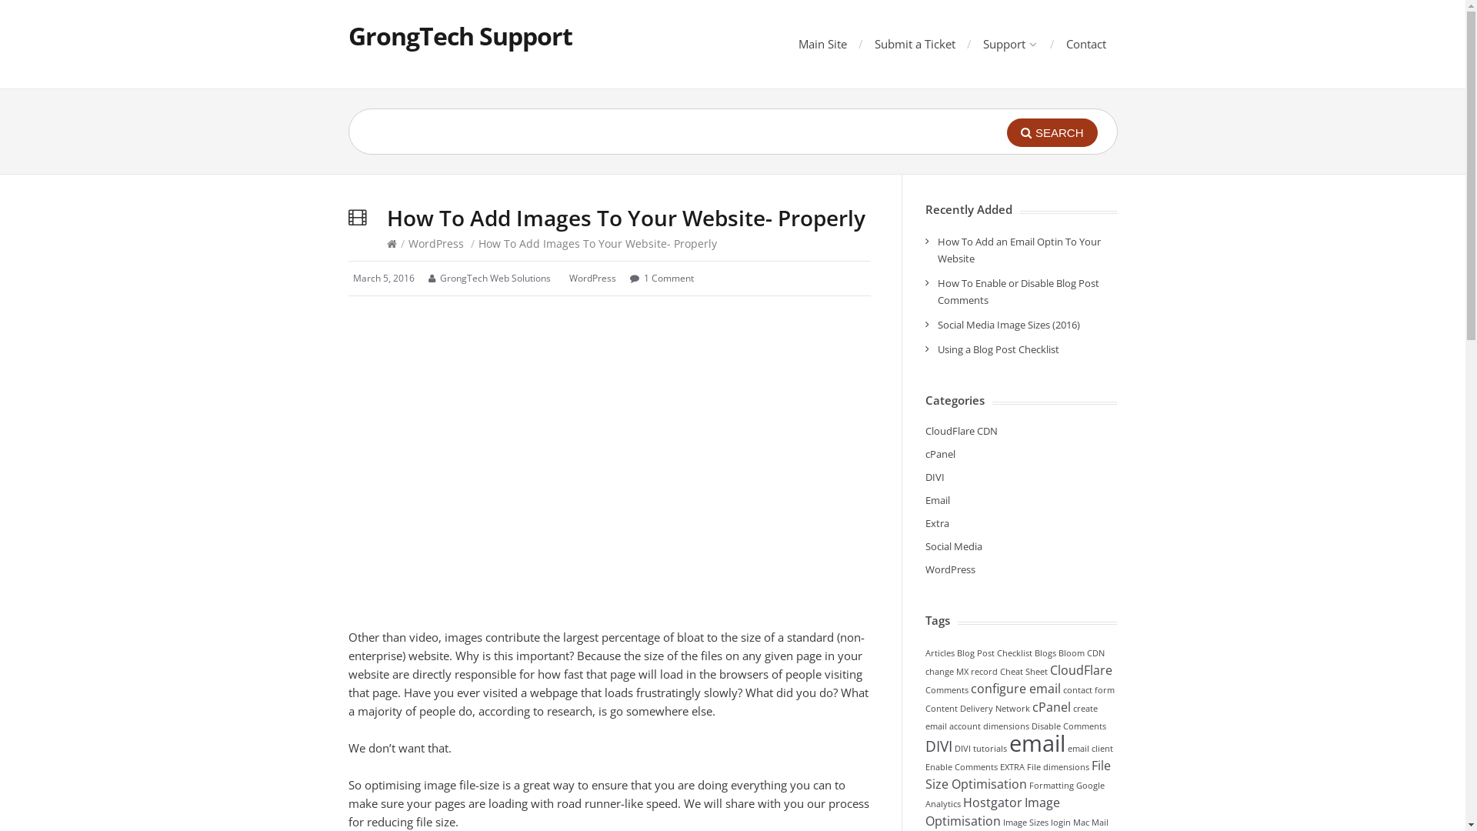 This screenshot has height=831, width=1477. What do you see at coordinates (955, 652) in the screenshot?
I see `'Blog Post Checklist'` at bounding box center [955, 652].